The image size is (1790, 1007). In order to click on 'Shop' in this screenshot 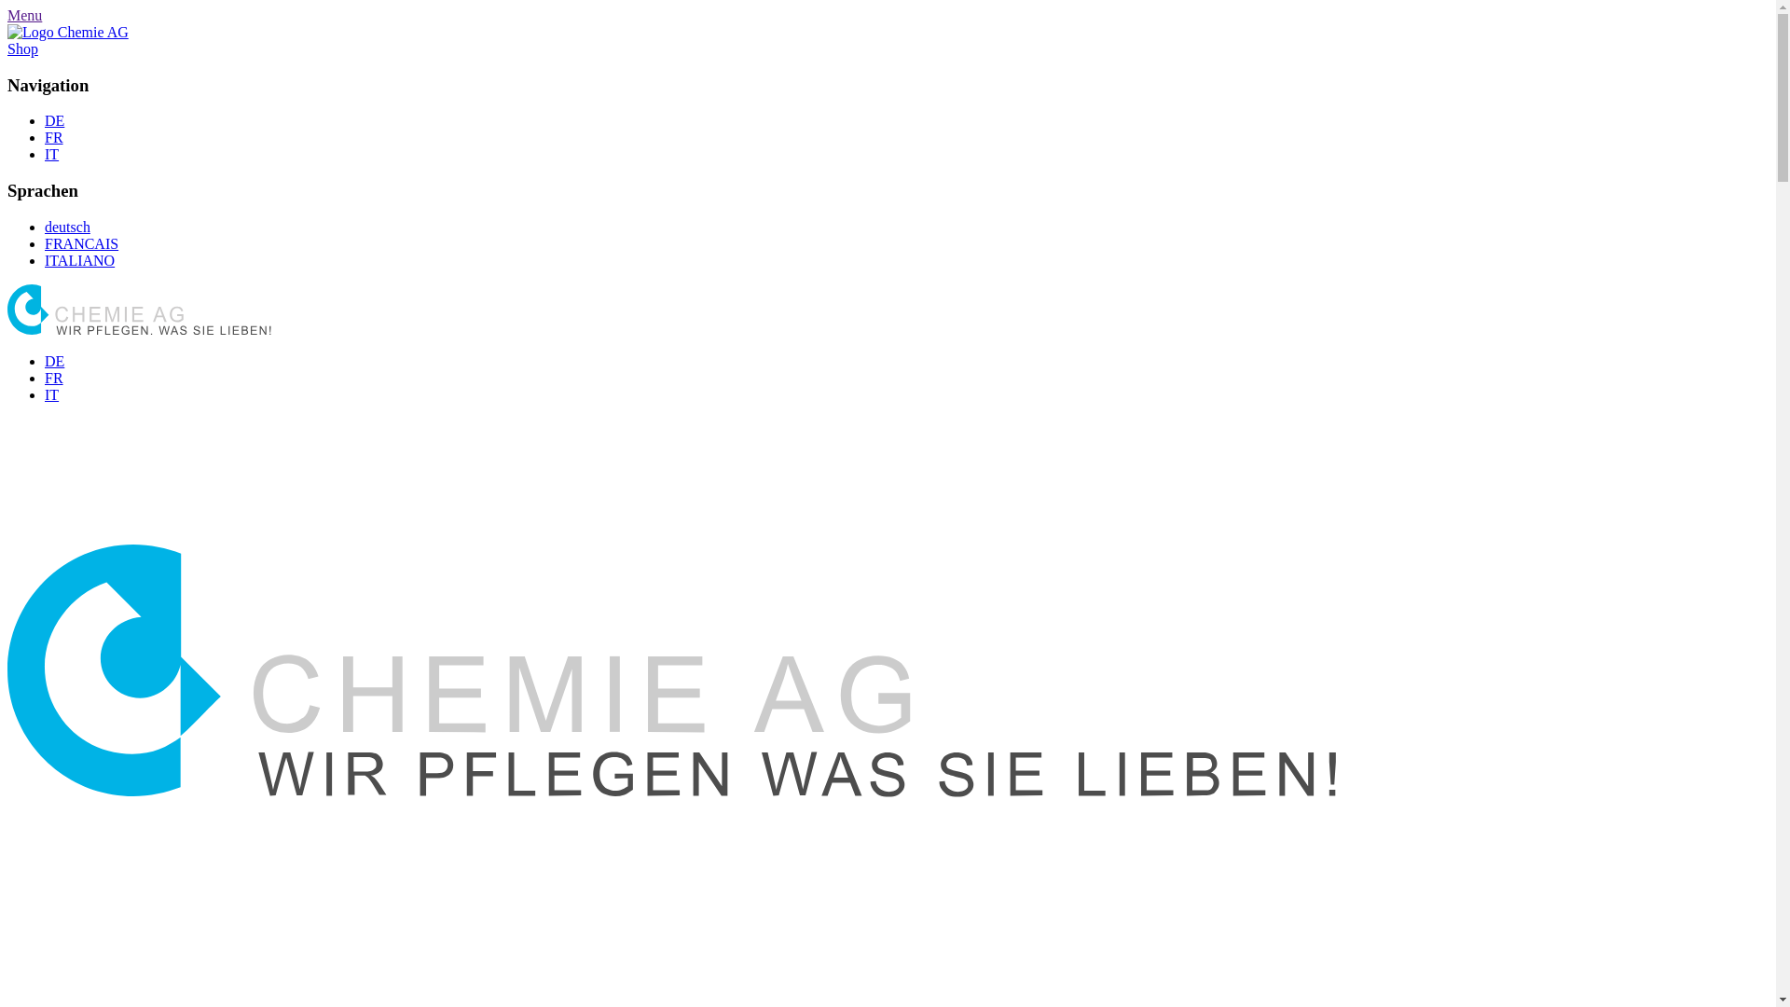, I will do `click(7, 48)`.